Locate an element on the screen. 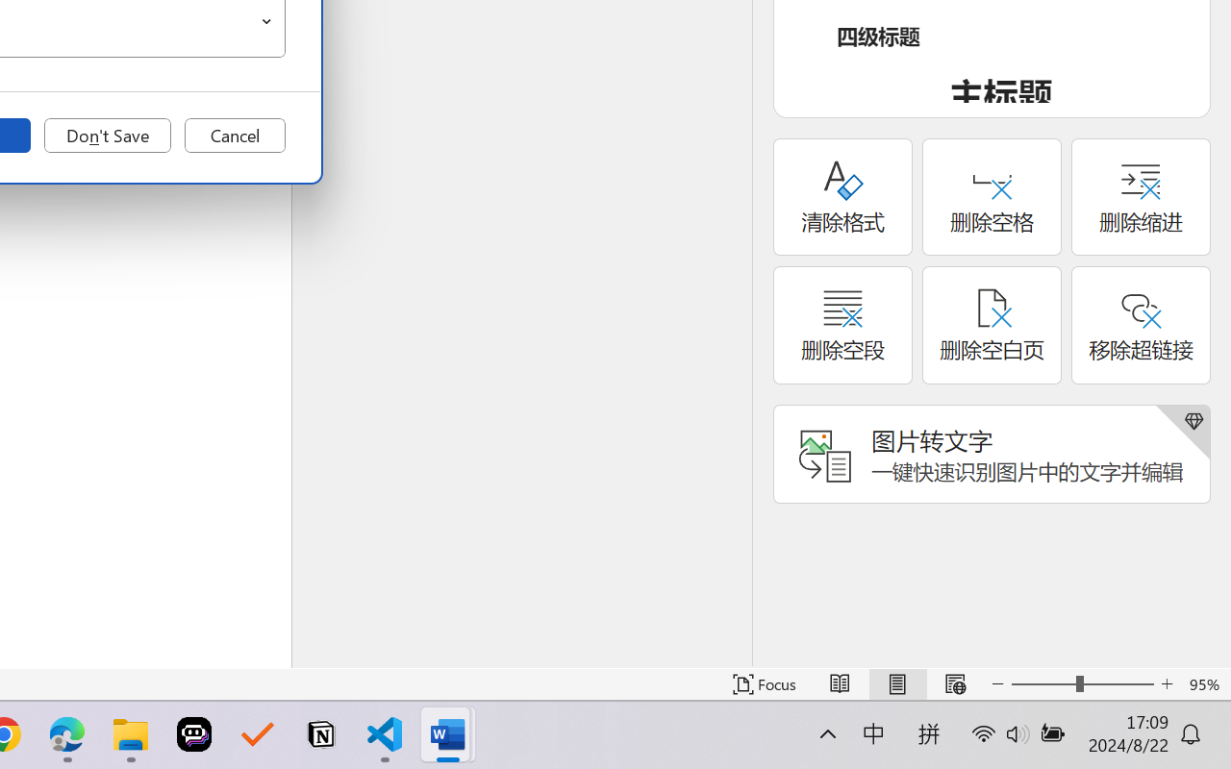 The width and height of the screenshot is (1231, 769). 'Cancel' is located at coordinates (234, 136).